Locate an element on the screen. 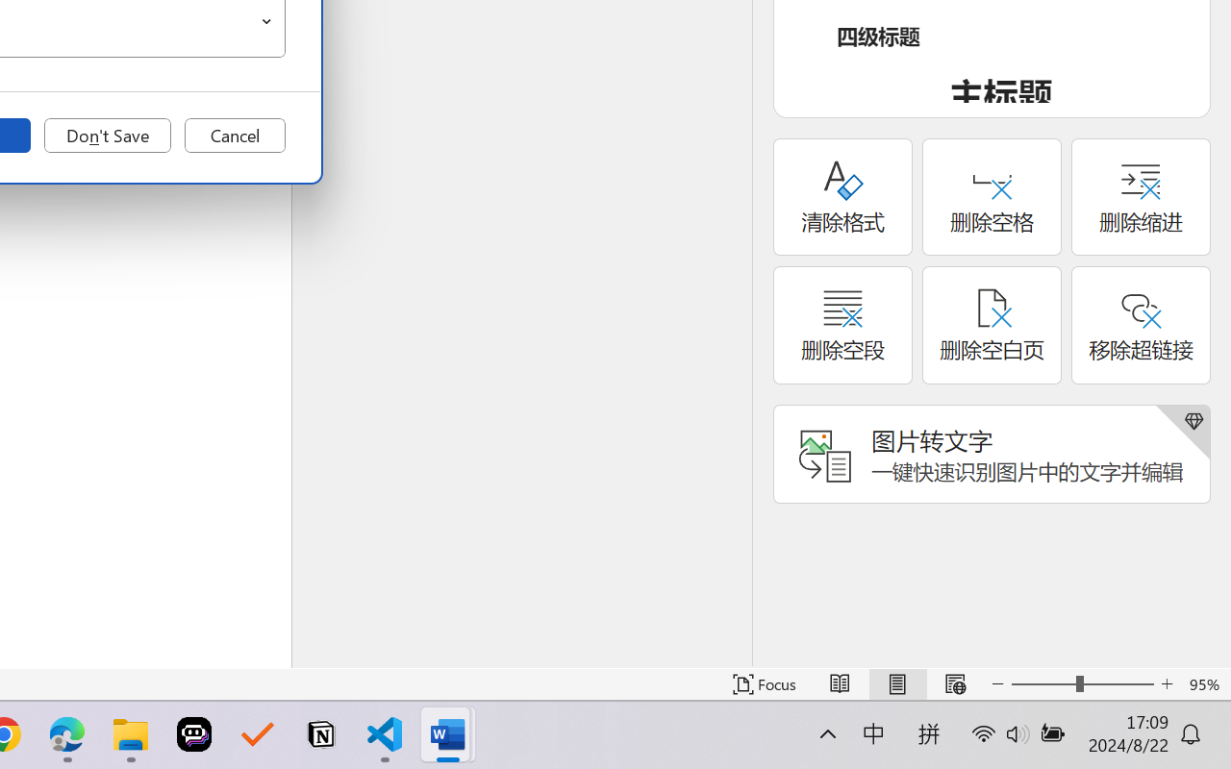 The width and height of the screenshot is (1231, 769). 'Cancel' is located at coordinates (234, 136).